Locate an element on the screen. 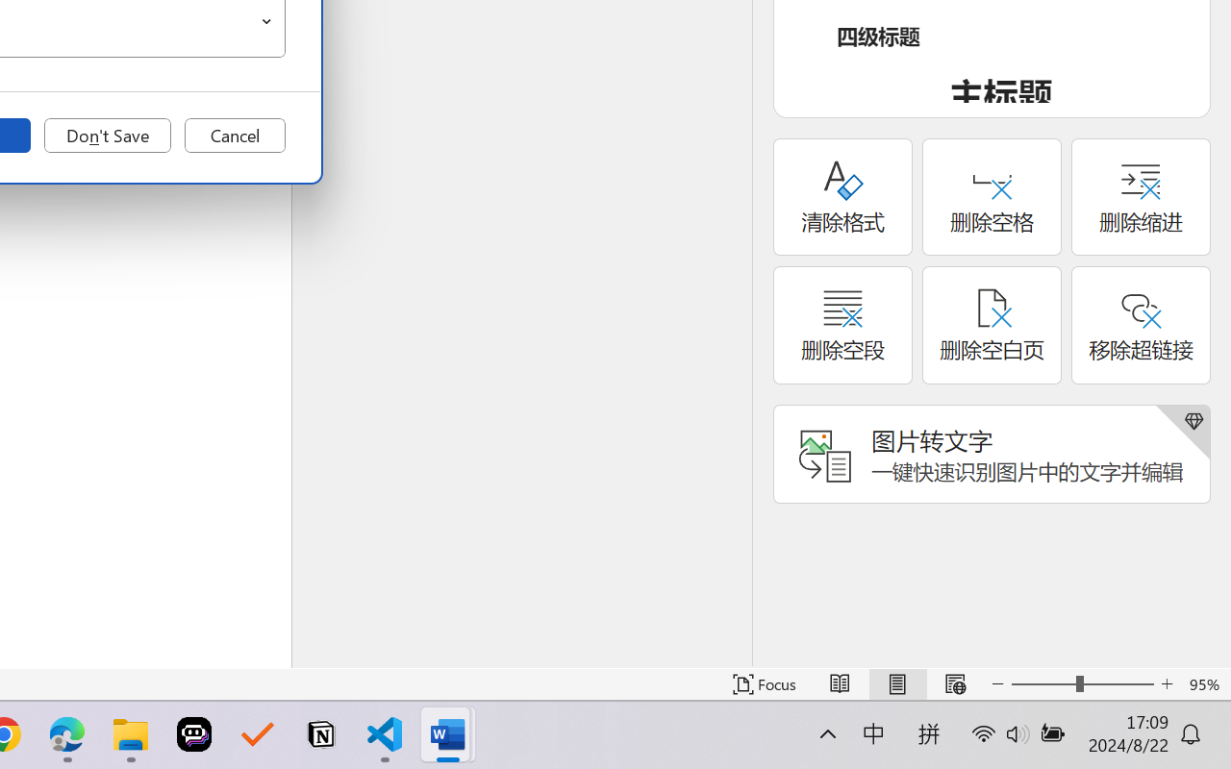 The width and height of the screenshot is (1231, 769). 'Cancel' is located at coordinates (234, 136).